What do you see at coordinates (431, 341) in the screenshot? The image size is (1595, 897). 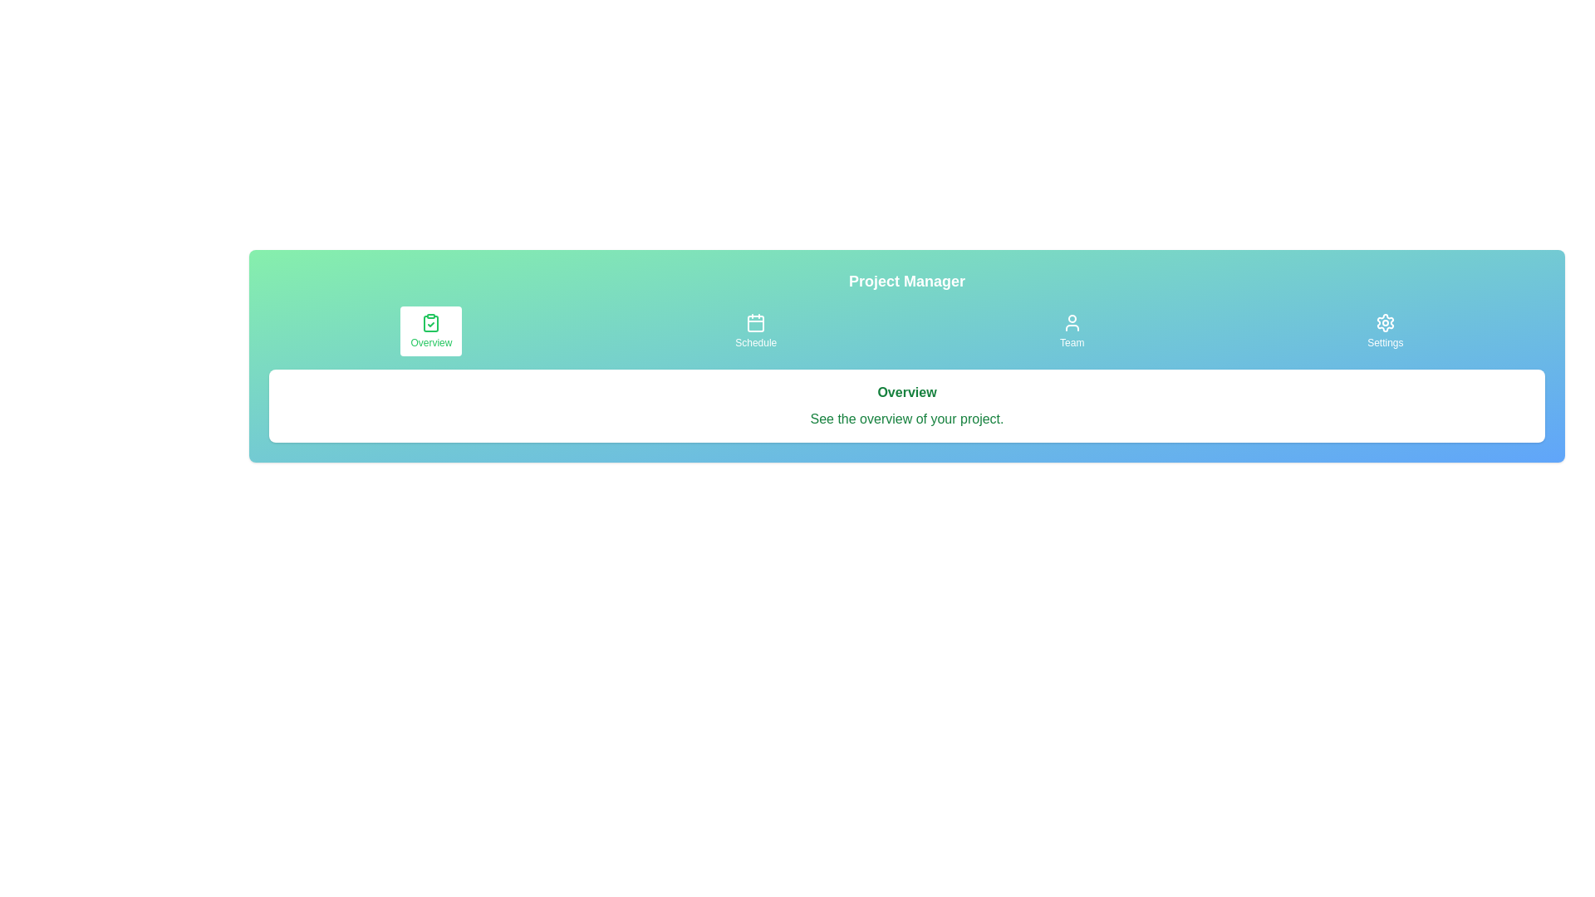 I see `the navigation button` at bounding box center [431, 341].